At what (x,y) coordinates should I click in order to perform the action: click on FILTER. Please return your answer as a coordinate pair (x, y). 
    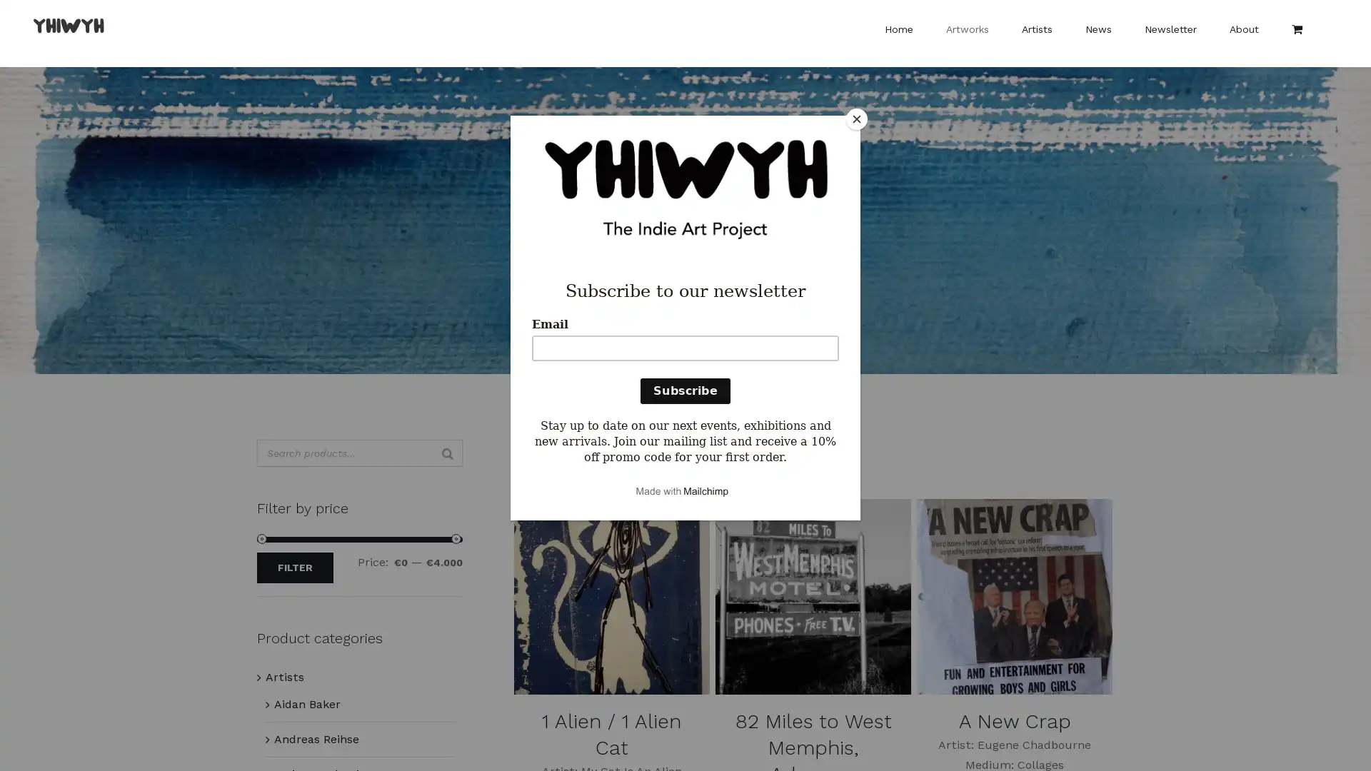
    Looking at the image, I should click on (294, 567).